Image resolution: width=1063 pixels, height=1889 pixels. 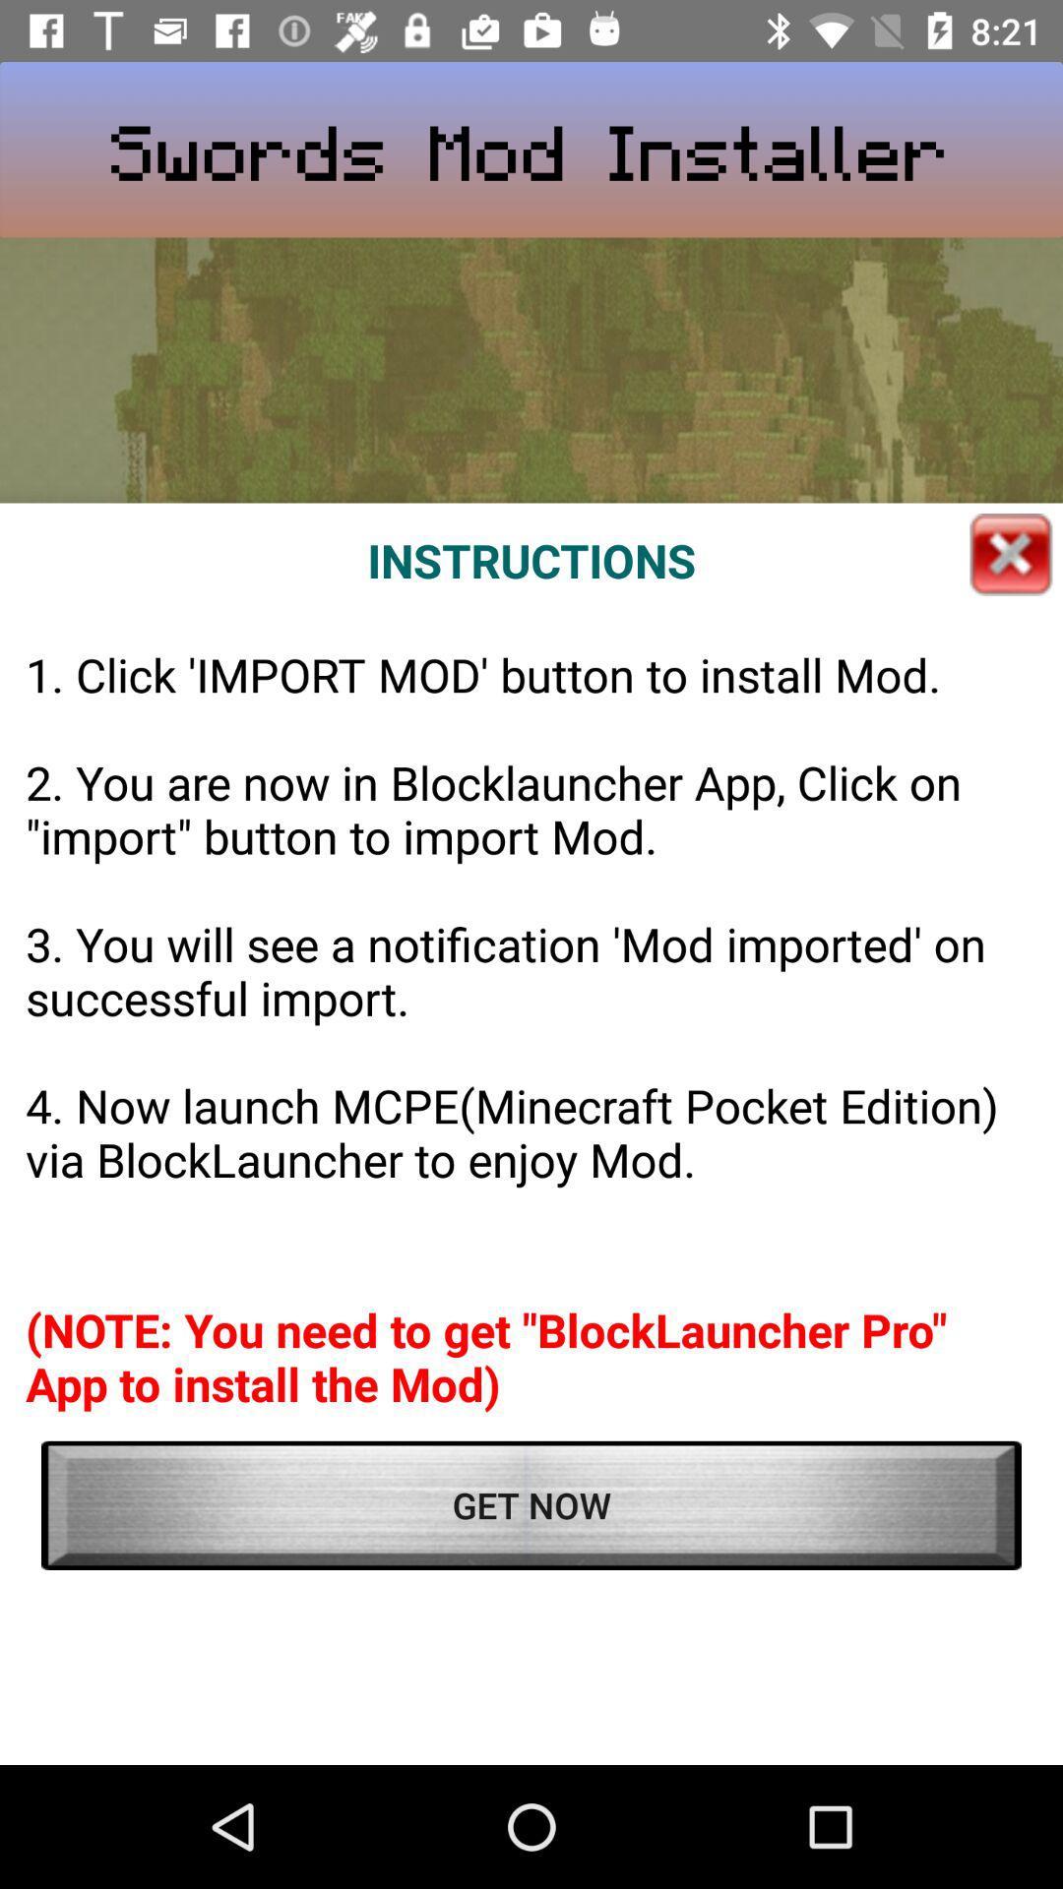 I want to click on the close icon, so click(x=1011, y=553).